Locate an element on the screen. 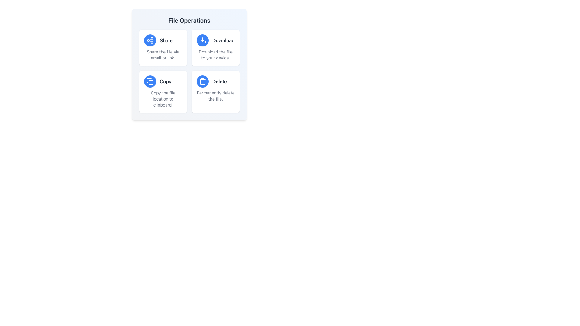 Image resolution: width=580 pixels, height=326 pixels. the Text Label indicating the function of the Delete button, located in the bottom-right section of the 'File Operations' panel, adjacent to the trash bin icon is located at coordinates (219, 81).